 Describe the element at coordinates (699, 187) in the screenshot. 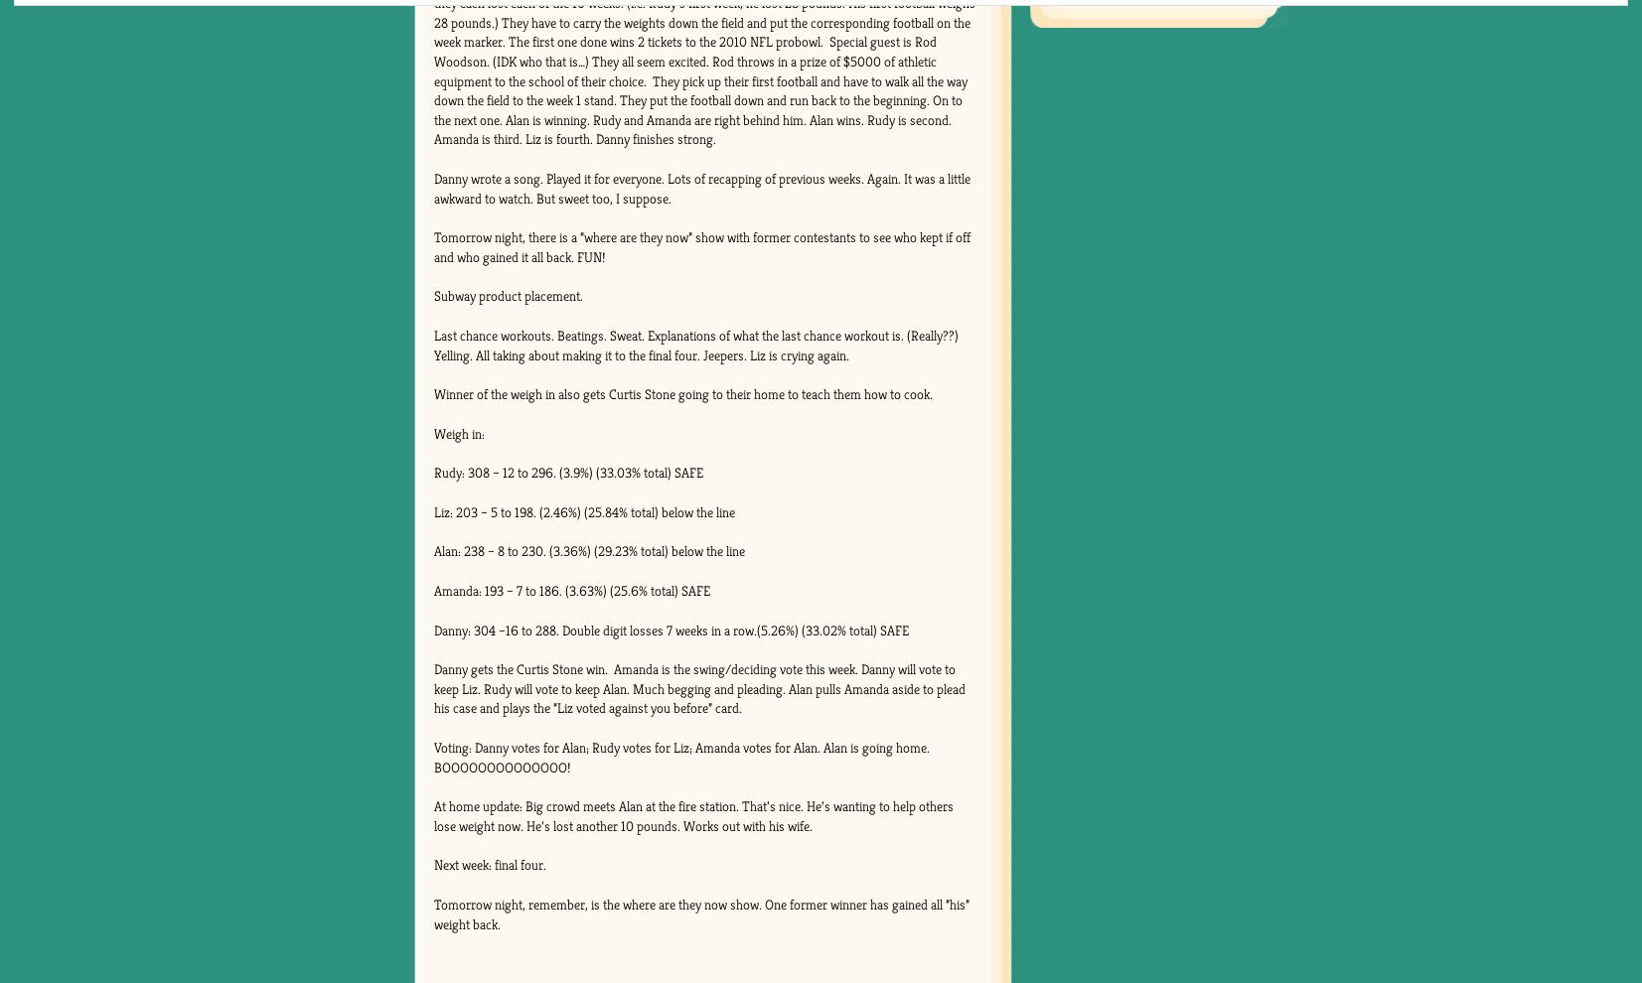

I see `'Danny wrote a song. Played it for everyone. Lots of recapping of previous weeks. Again. It was a little awkward to watch. But sweet too, I suppose.'` at that location.